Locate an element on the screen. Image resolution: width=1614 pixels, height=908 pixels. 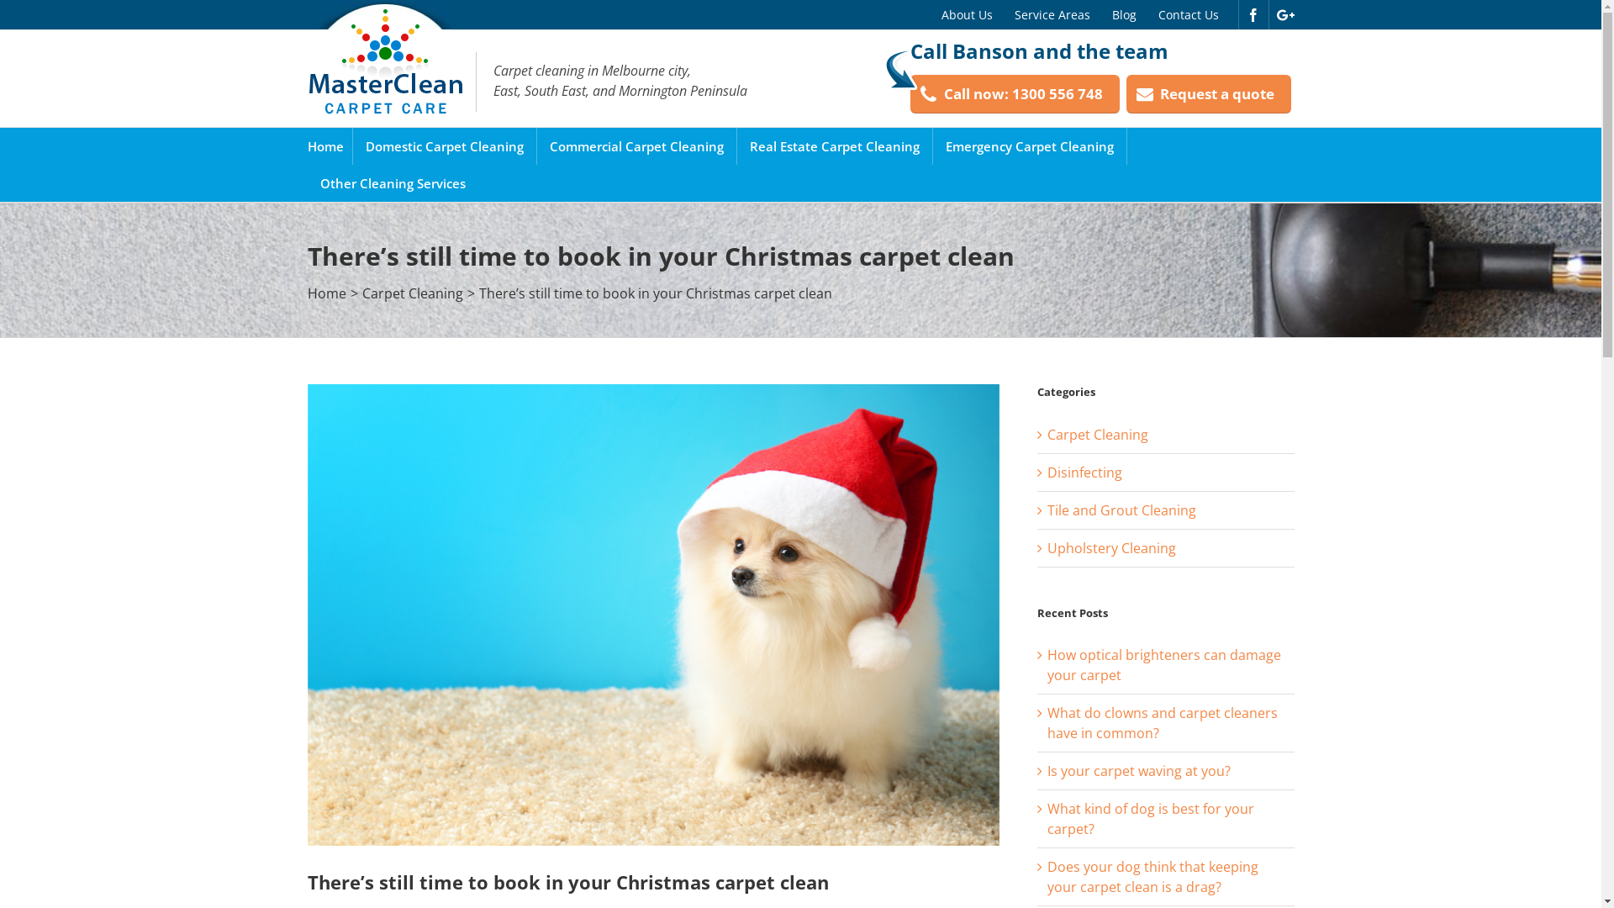
'Facebook' is located at coordinates (1252, 15).